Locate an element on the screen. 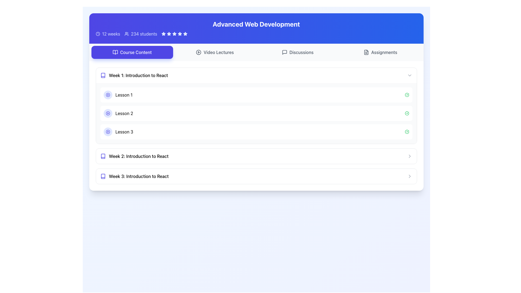 This screenshot has height=293, width=521. the header labeled 'Week 3: Introduction to React' is located at coordinates (139, 176).